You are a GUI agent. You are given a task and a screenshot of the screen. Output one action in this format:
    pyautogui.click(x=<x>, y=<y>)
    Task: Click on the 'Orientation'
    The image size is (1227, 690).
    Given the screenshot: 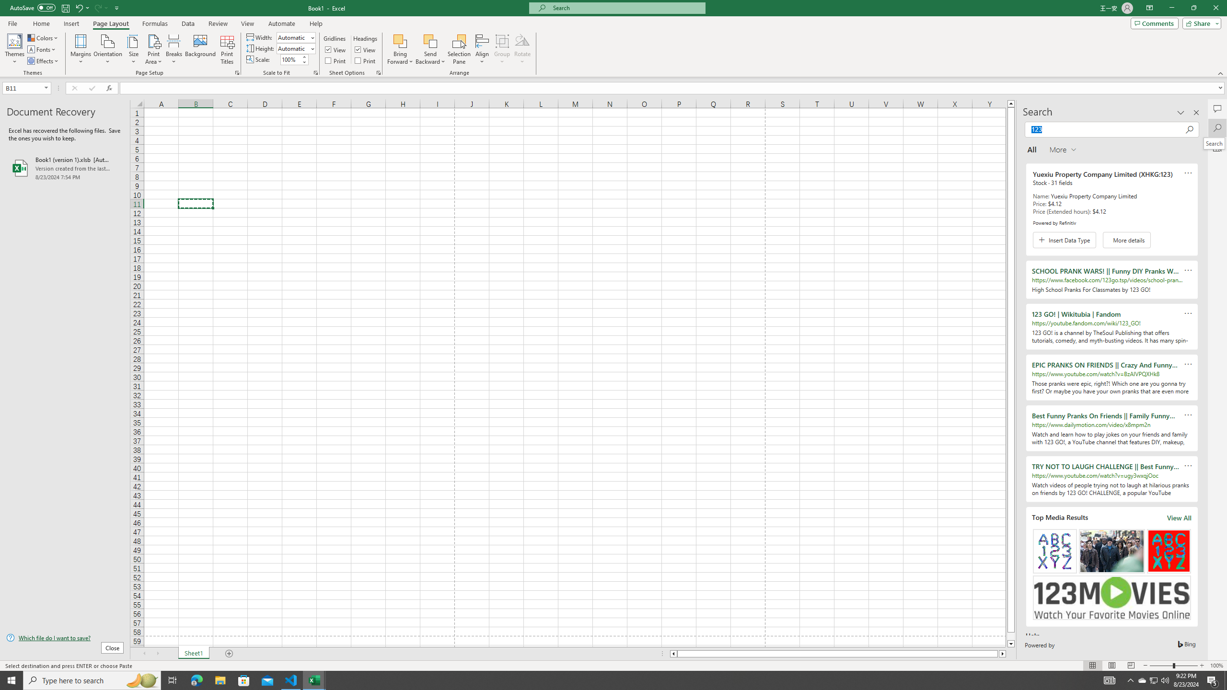 What is the action you would take?
    pyautogui.click(x=107, y=49)
    